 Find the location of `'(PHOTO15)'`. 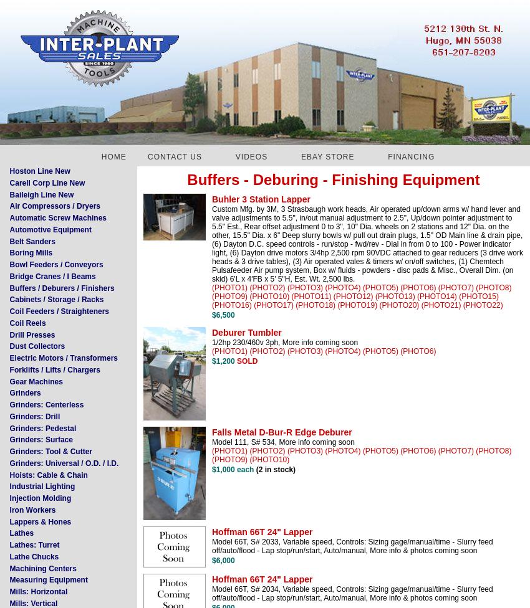

'(PHOTO15)' is located at coordinates (478, 295).